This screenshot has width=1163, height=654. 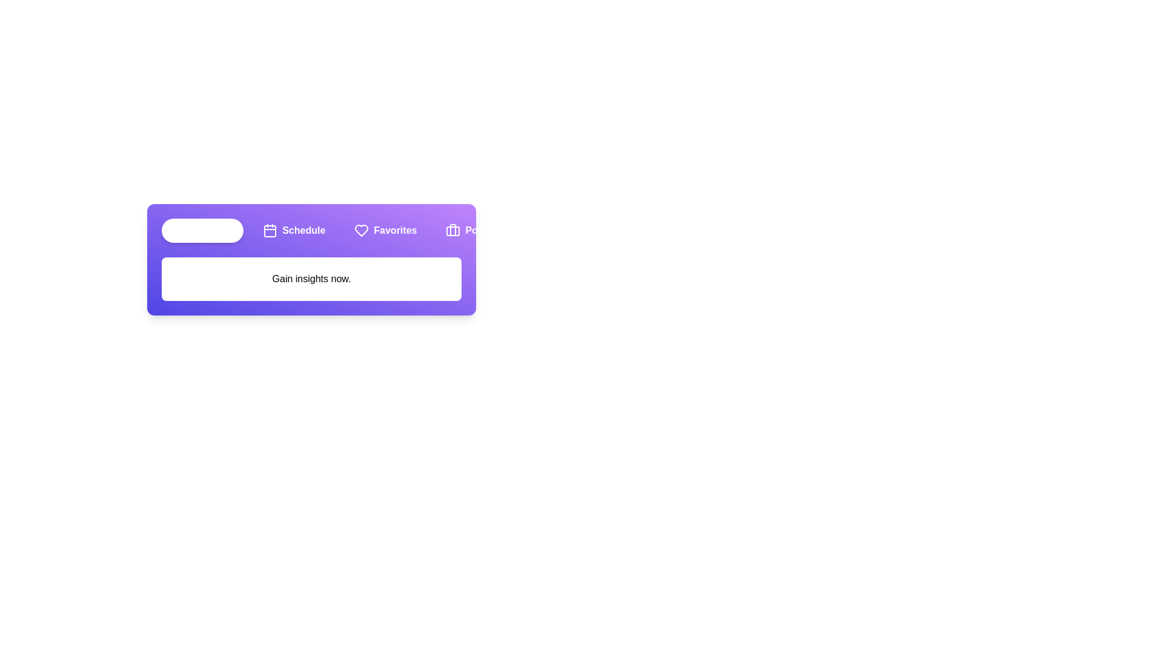 What do you see at coordinates (202, 231) in the screenshot?
I see `the Overview tab` at bounding box center [202, 231].